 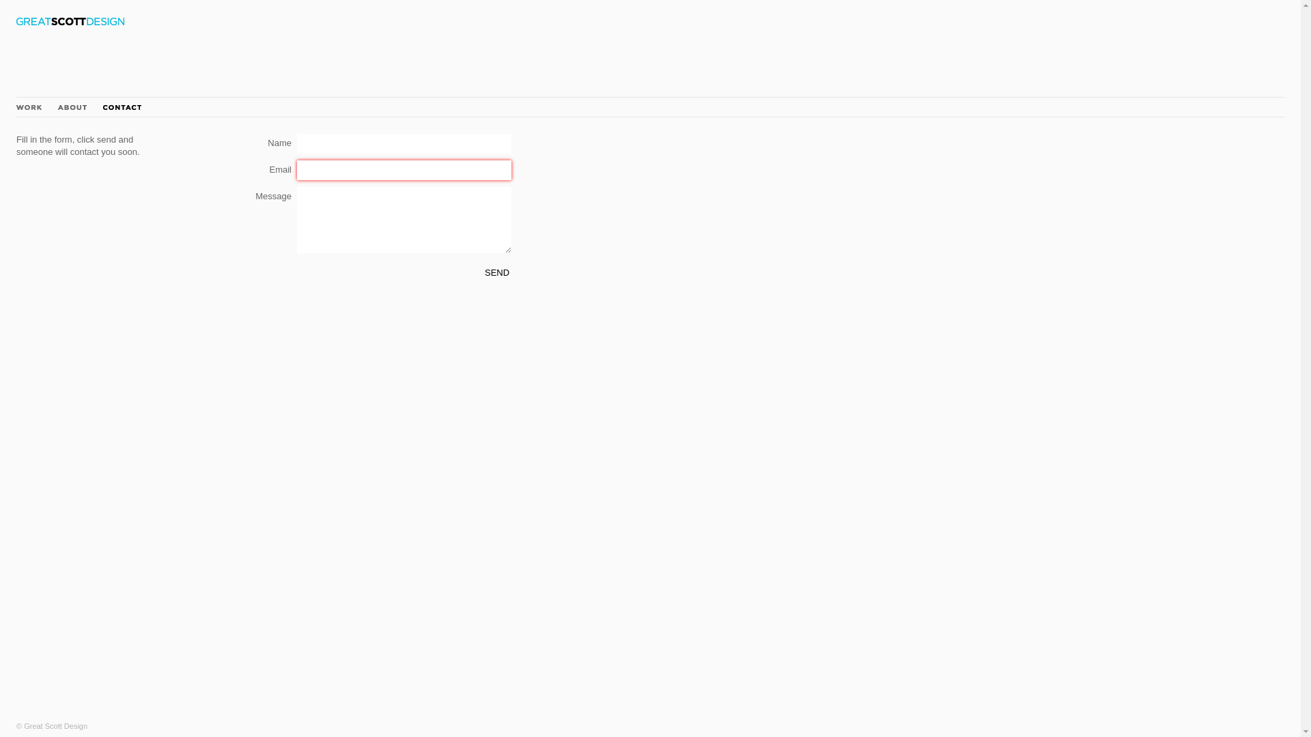 I want to click on 'CONTACT', so click(x=122, y=106).